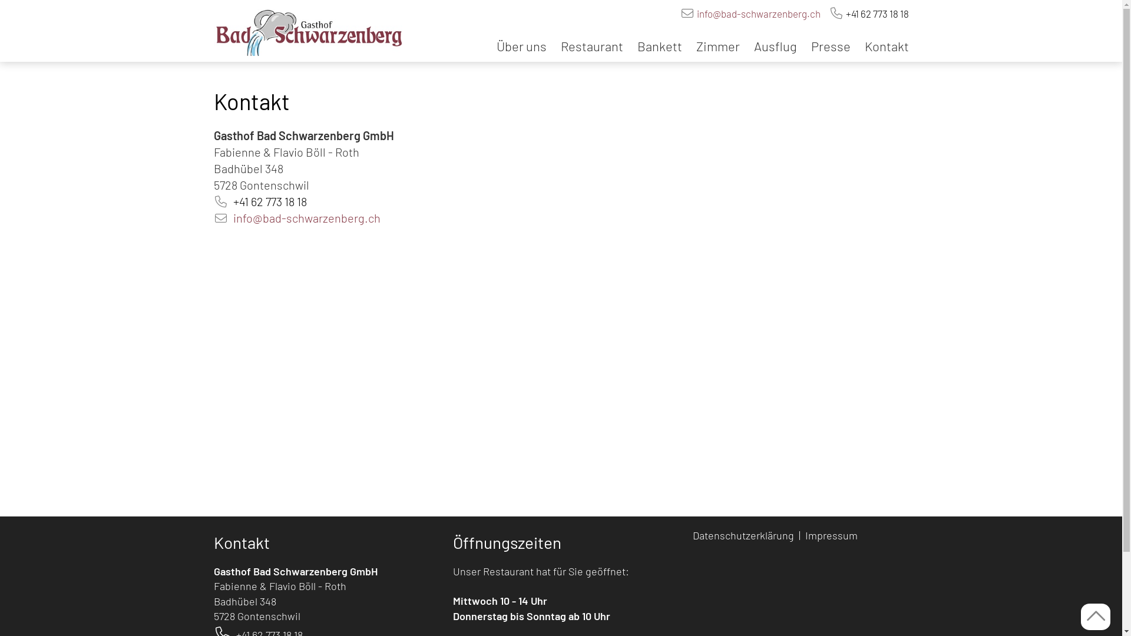  What do you see at coordinates (717, 45) in the screenshot?
I see `'Zimmer'` at bounding box center [717, 45].